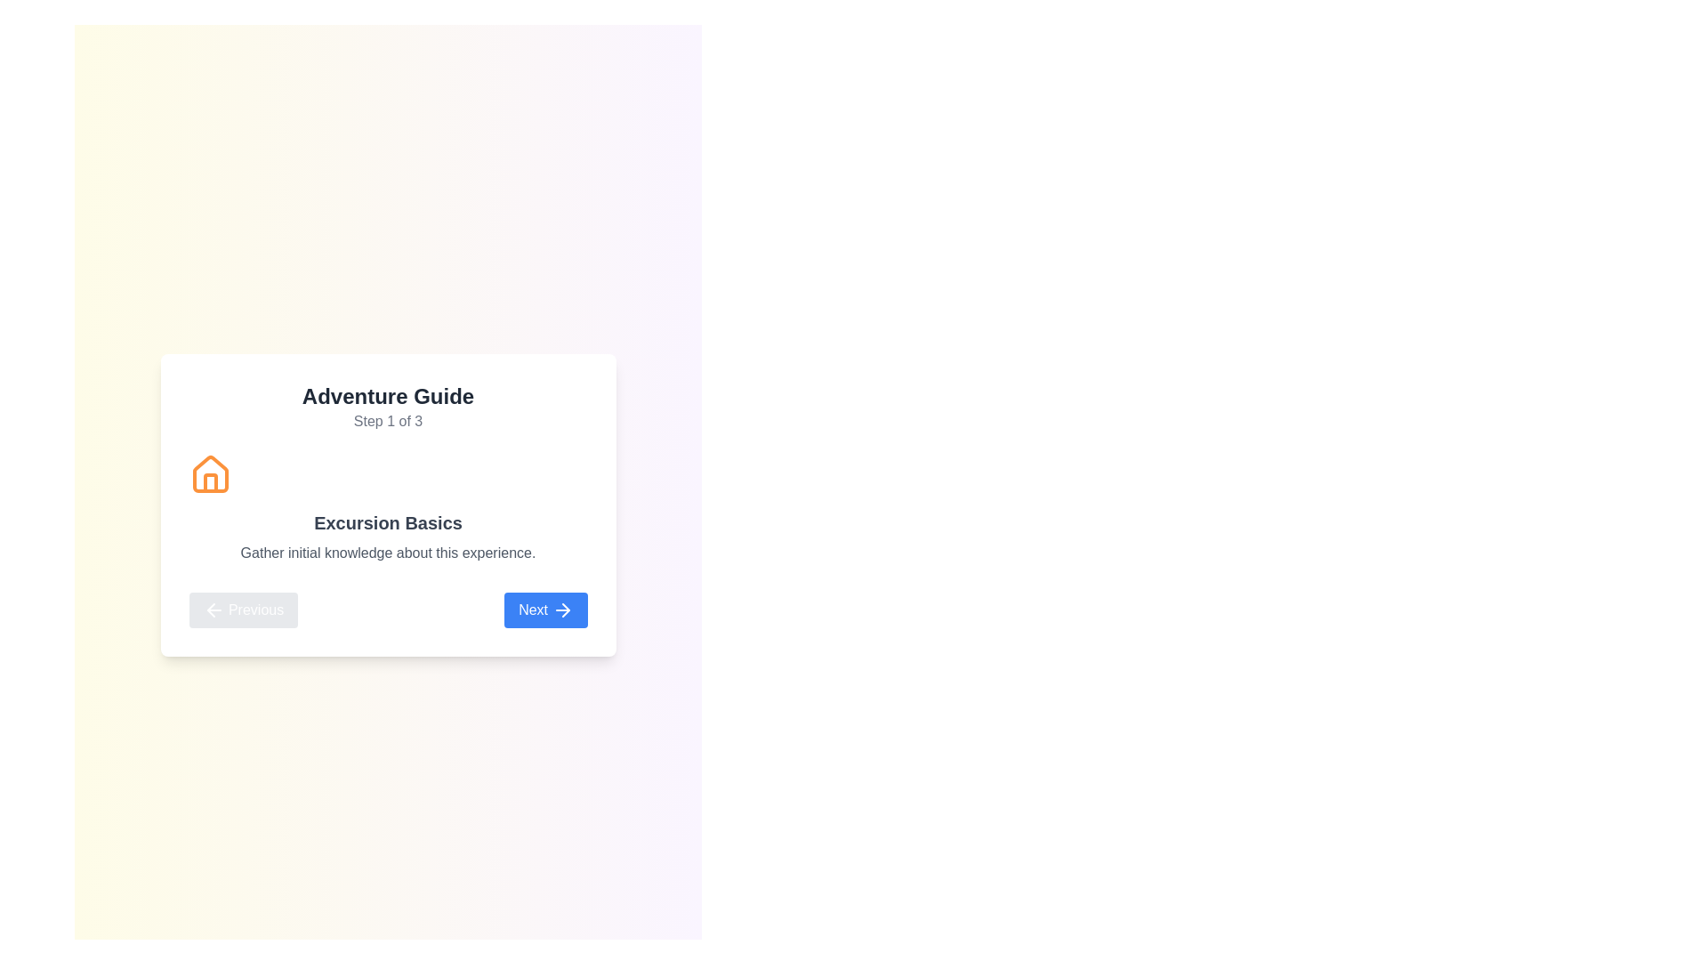  Describe the element at coordinates (564, 610) in the screenshot. I see `the forward-navigation arrow icon located within the blue 'Next' button in the lower right section of the modal to proceed` at that location.